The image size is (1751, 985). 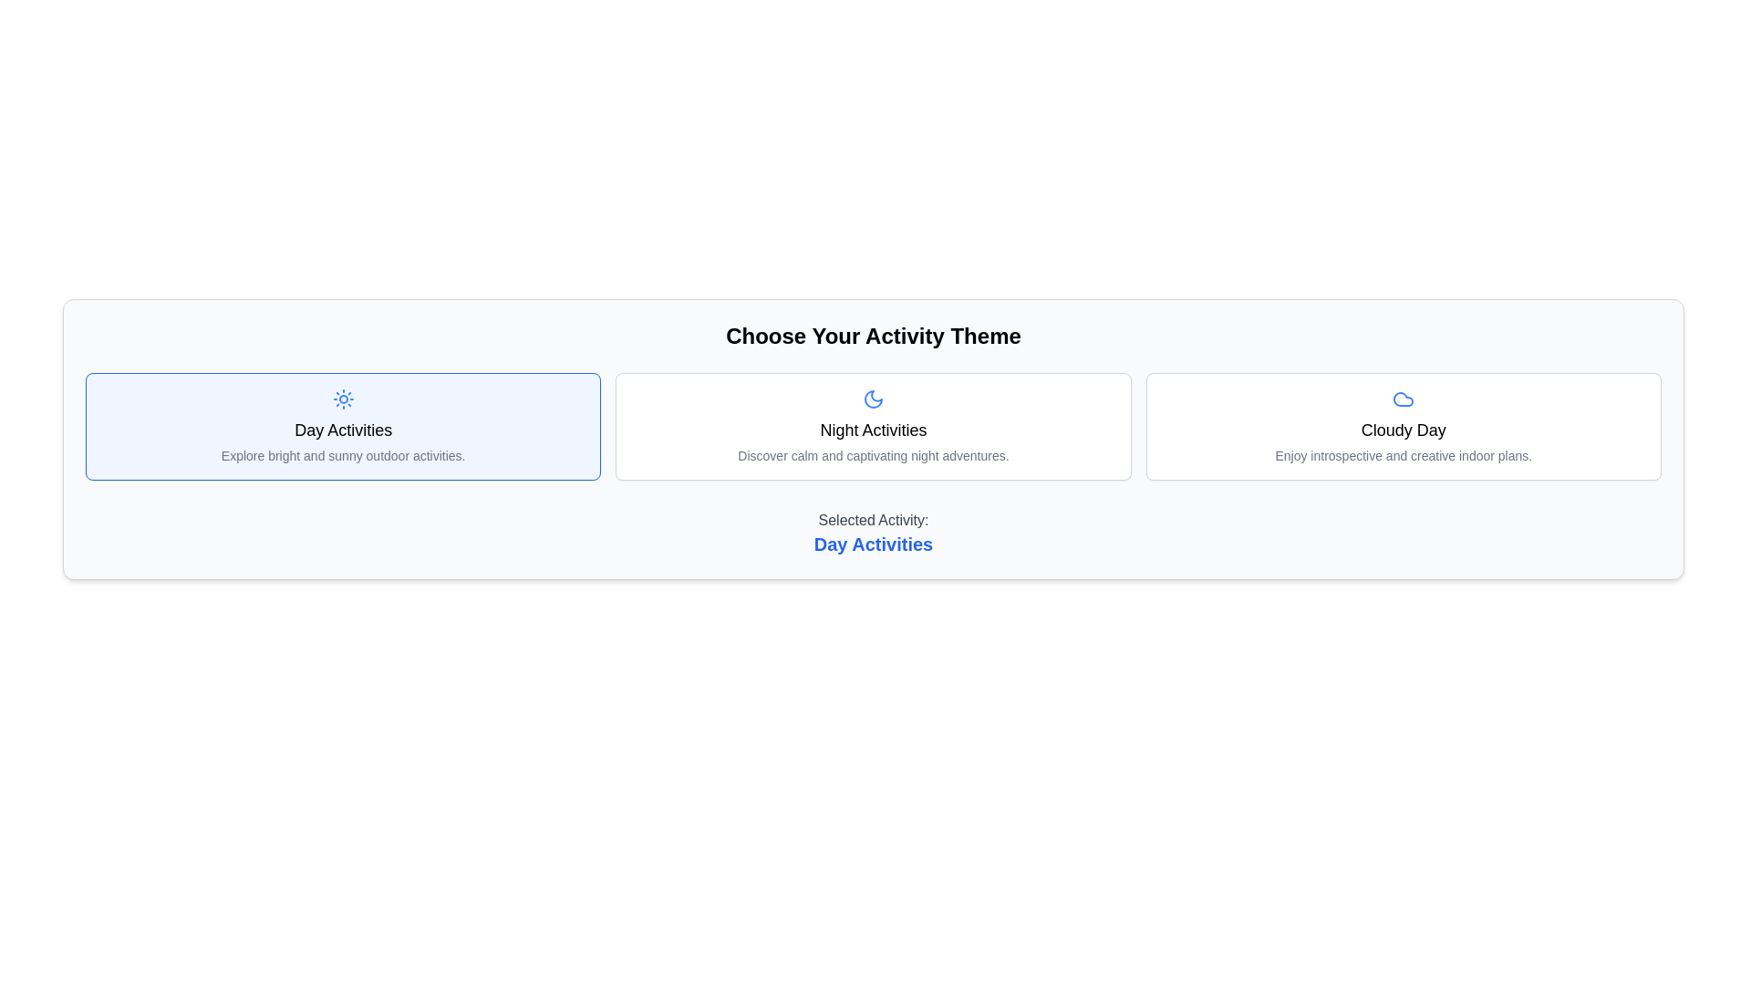 What do you see at coordinates (872, 455) in the screenshot?
I see `text fragment that says 'Discover calm and captivating night adventures.' located within the 'Night Activities' card, which is styled in a small gray font` at bounding box center [872, 455].